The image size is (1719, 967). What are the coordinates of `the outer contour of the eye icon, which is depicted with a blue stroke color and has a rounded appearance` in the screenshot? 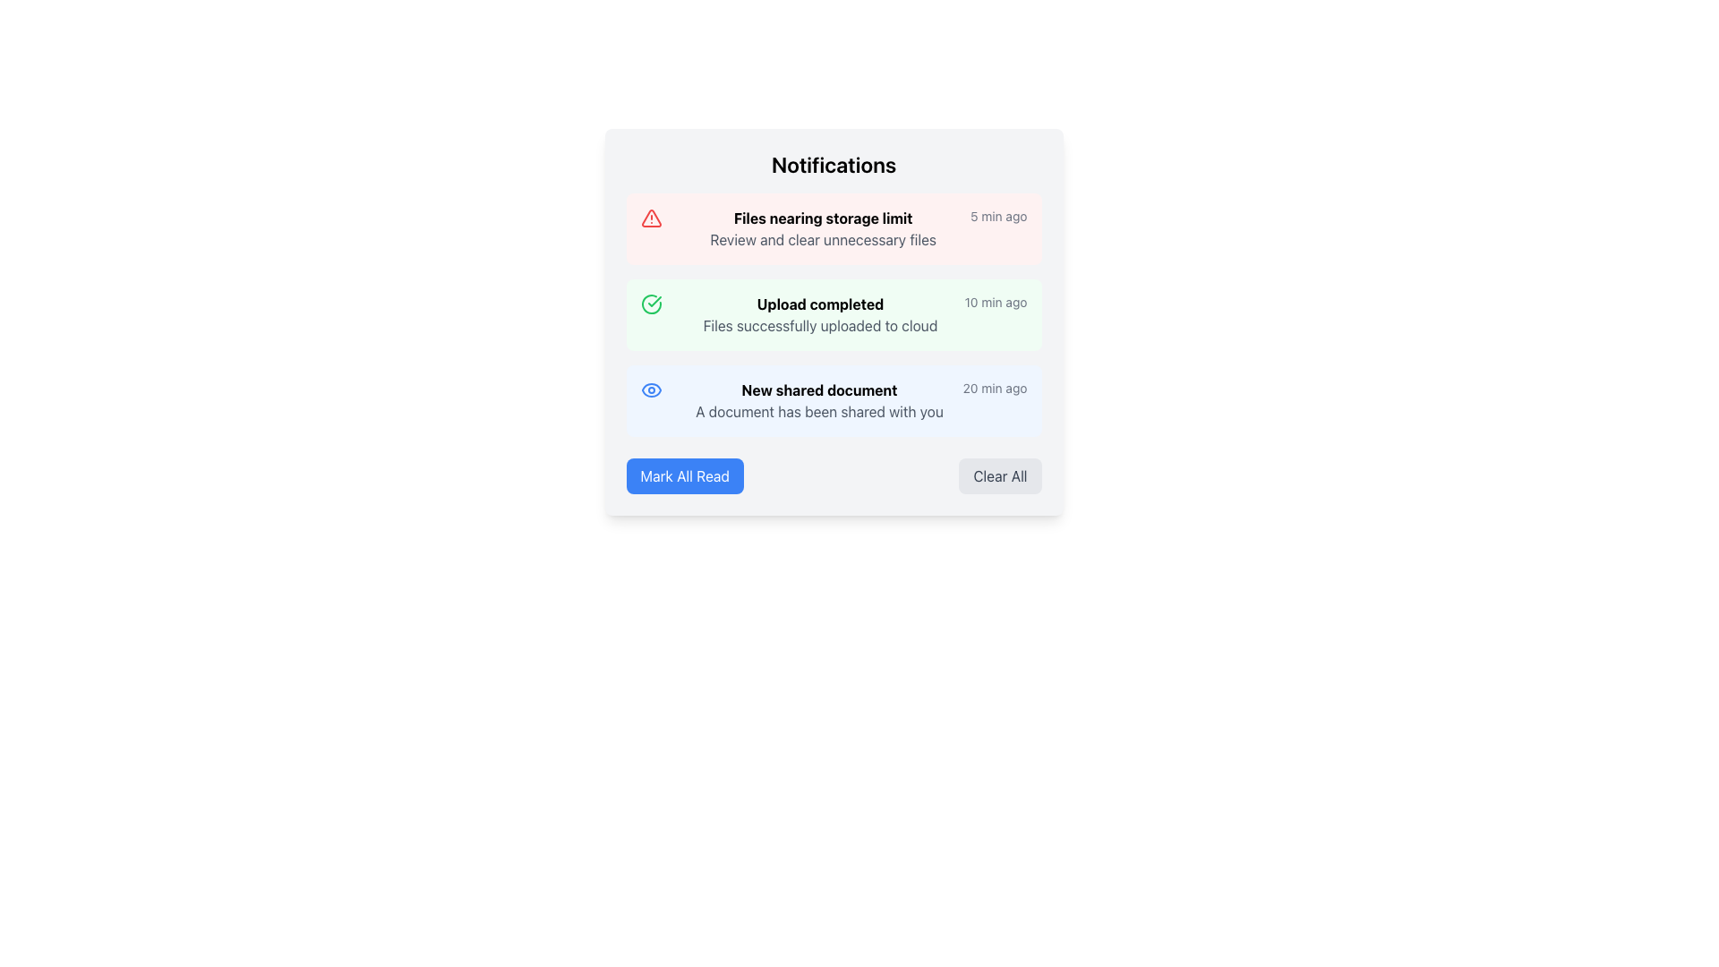 It's located at (650, 389).